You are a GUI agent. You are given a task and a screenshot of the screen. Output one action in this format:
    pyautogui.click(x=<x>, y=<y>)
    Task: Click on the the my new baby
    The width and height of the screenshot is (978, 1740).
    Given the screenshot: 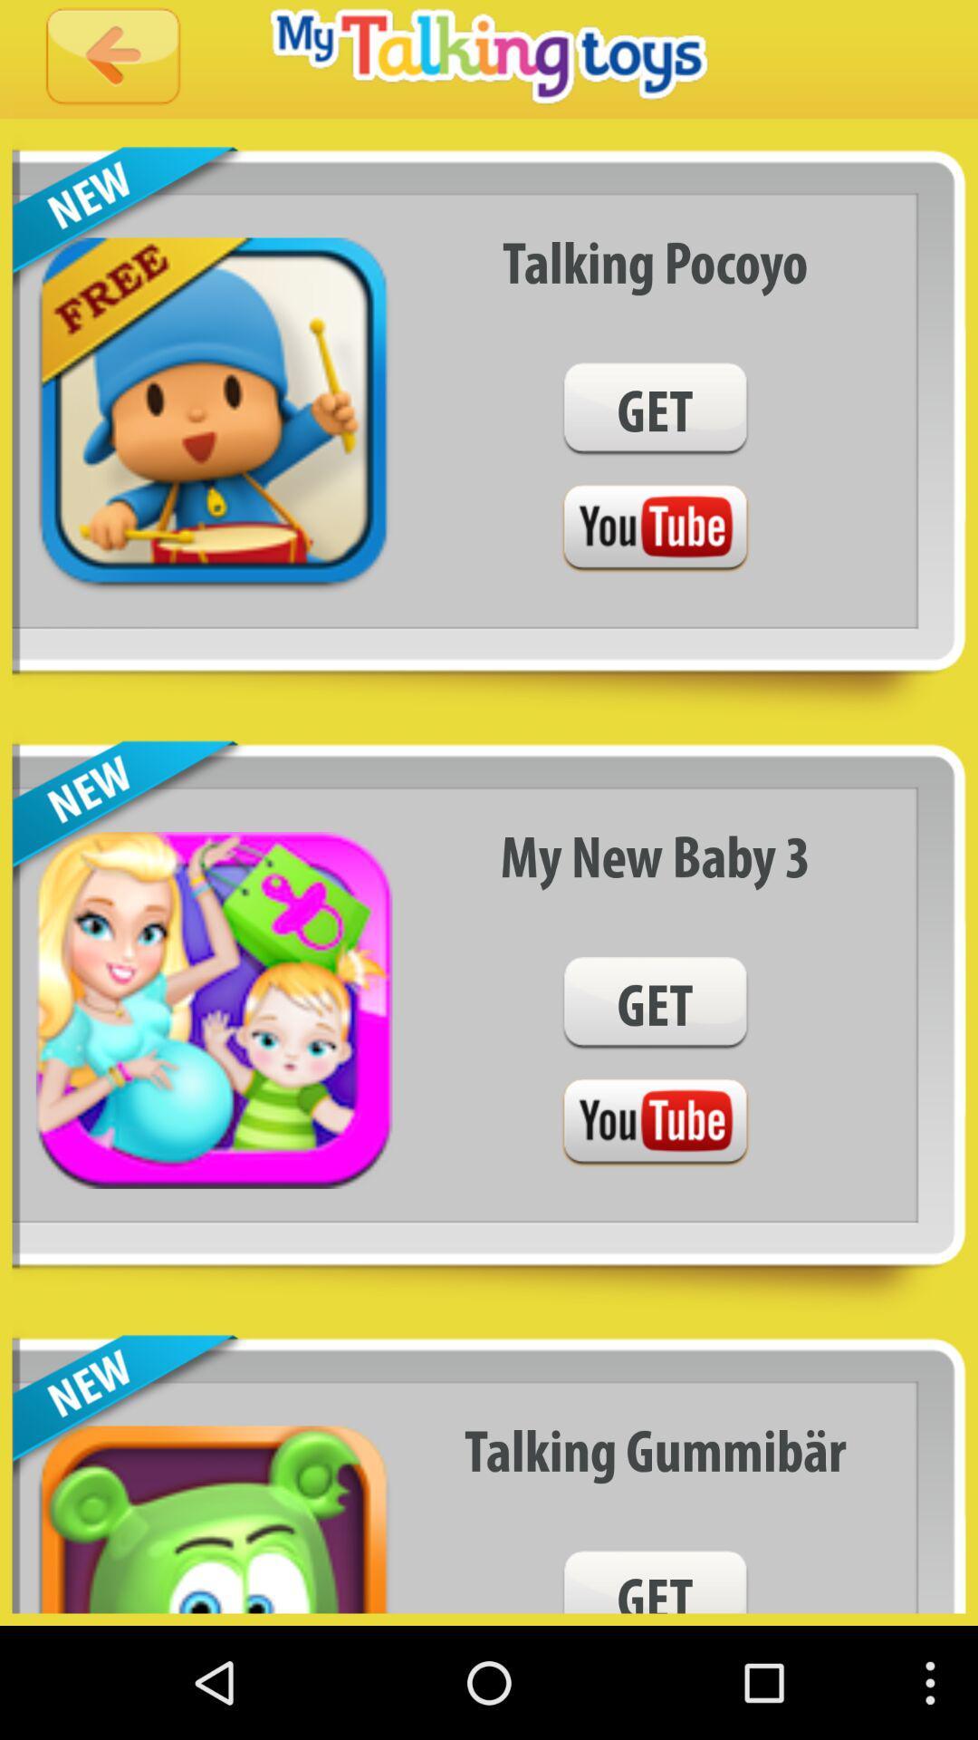 What is the action you would take?
    pyautogui.click(x=655, y=855)
    